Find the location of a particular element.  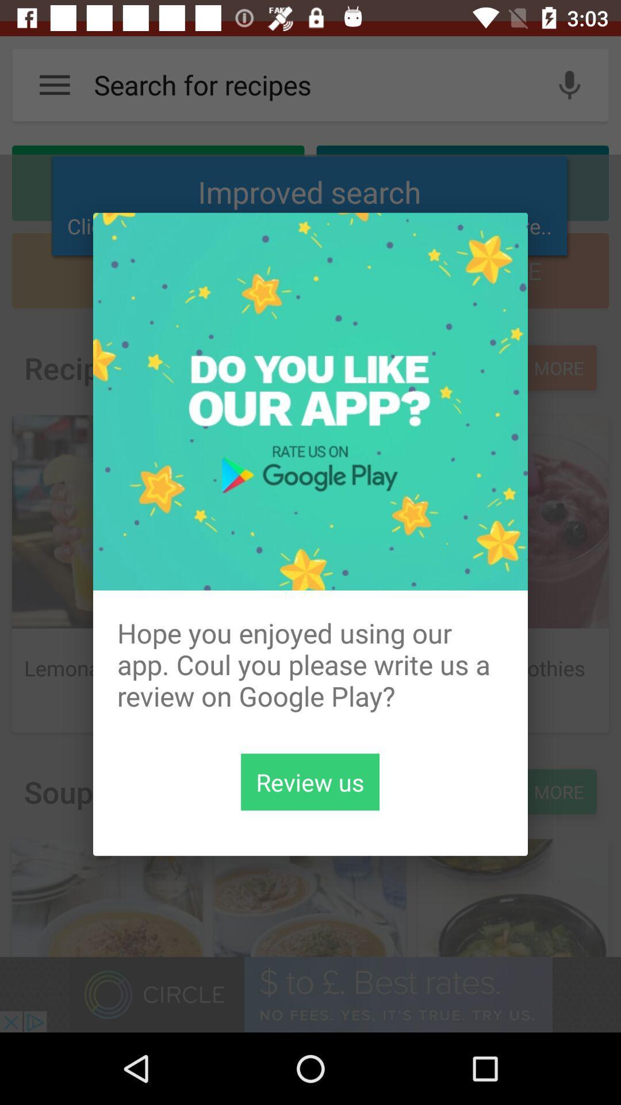

the google play page of the app is located at coordinates (309, 782).